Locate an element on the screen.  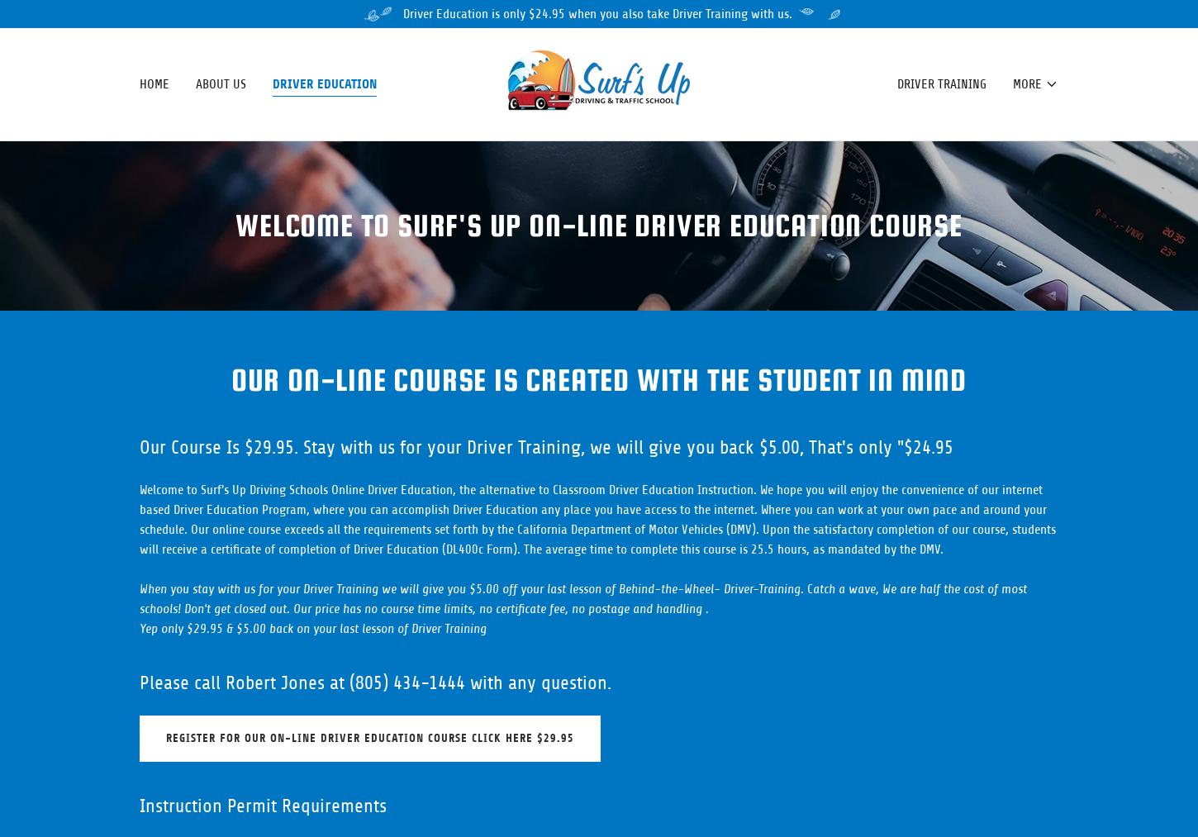
'Driver Training' is located at coordinates (939, 84).